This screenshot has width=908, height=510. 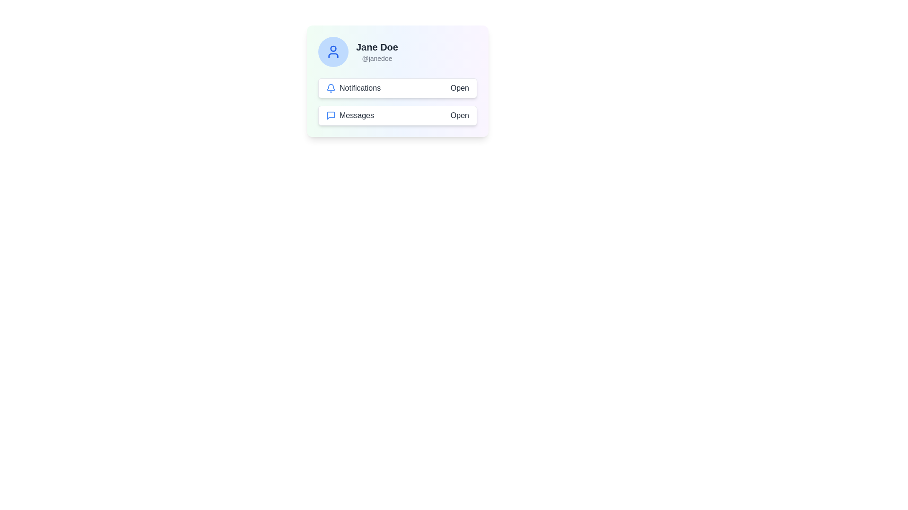 I want to click on the static text label displaying 'Open' that is styled with a dark text color and located to the right of the 'Notifications' entry, so click(x=460, y=88).